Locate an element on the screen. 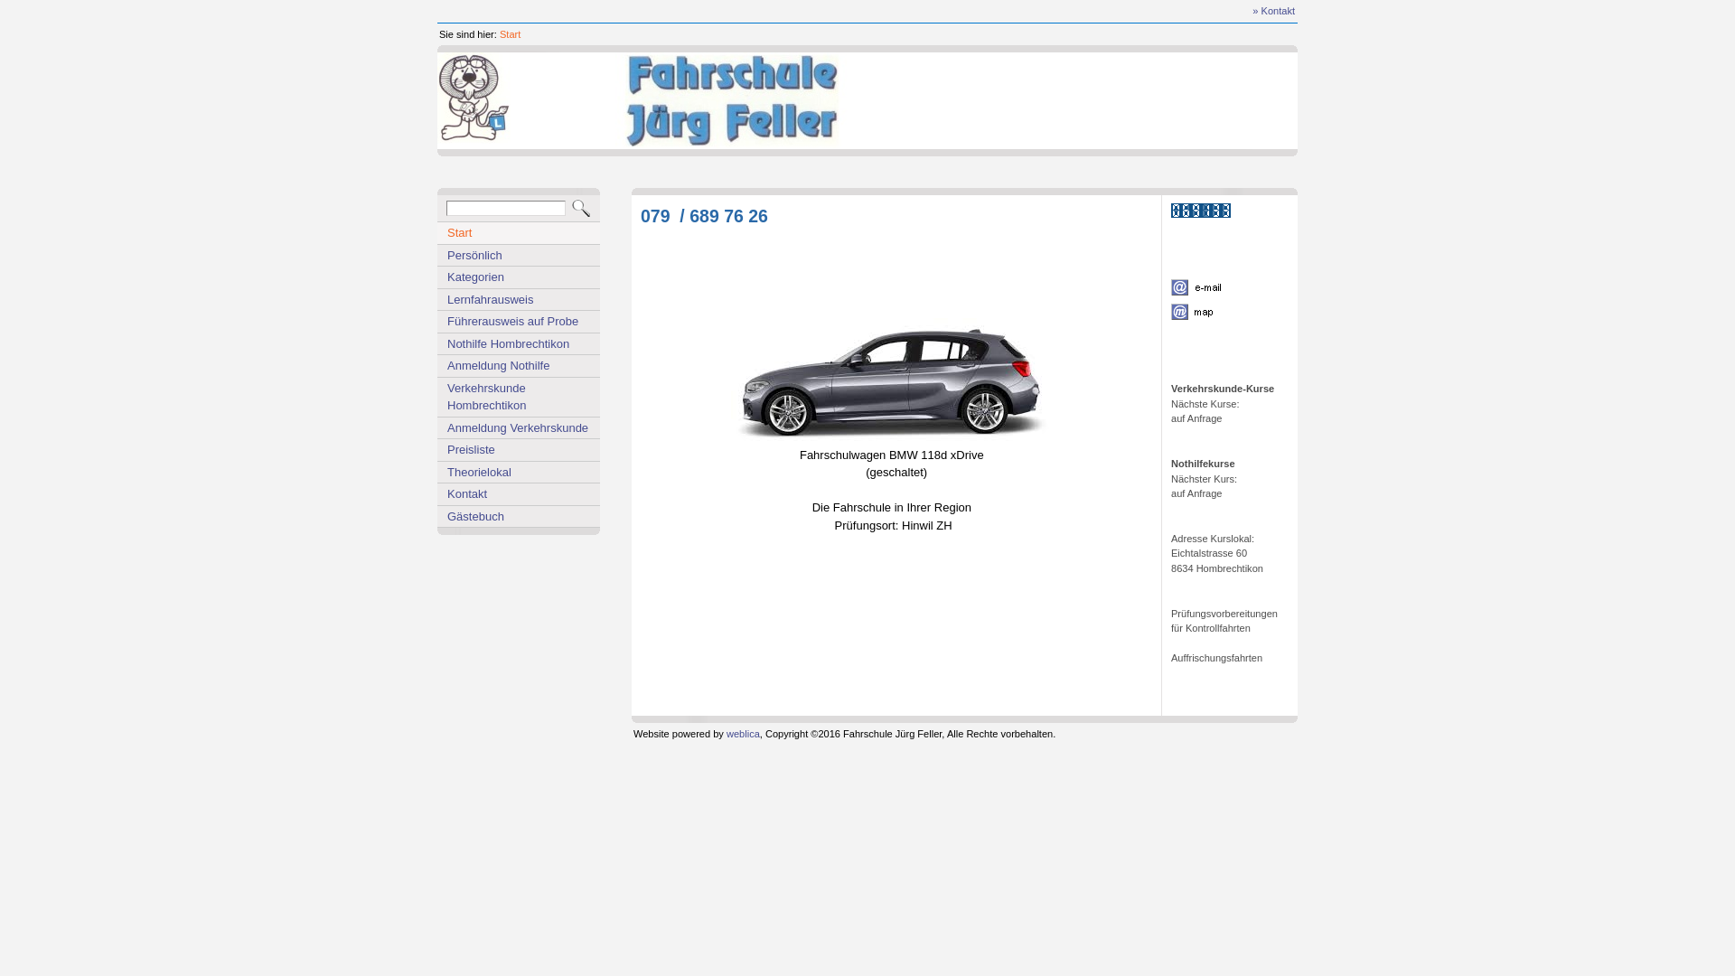  'Start' is located at coordinates (499, 34).